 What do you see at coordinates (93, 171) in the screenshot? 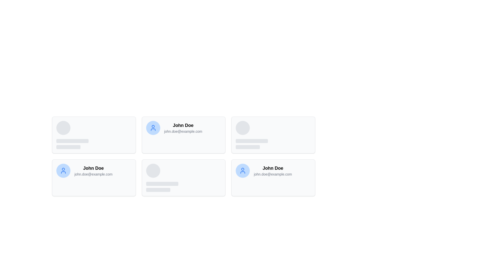
I see `the user profile text block located` at bounding box center [93, 171].